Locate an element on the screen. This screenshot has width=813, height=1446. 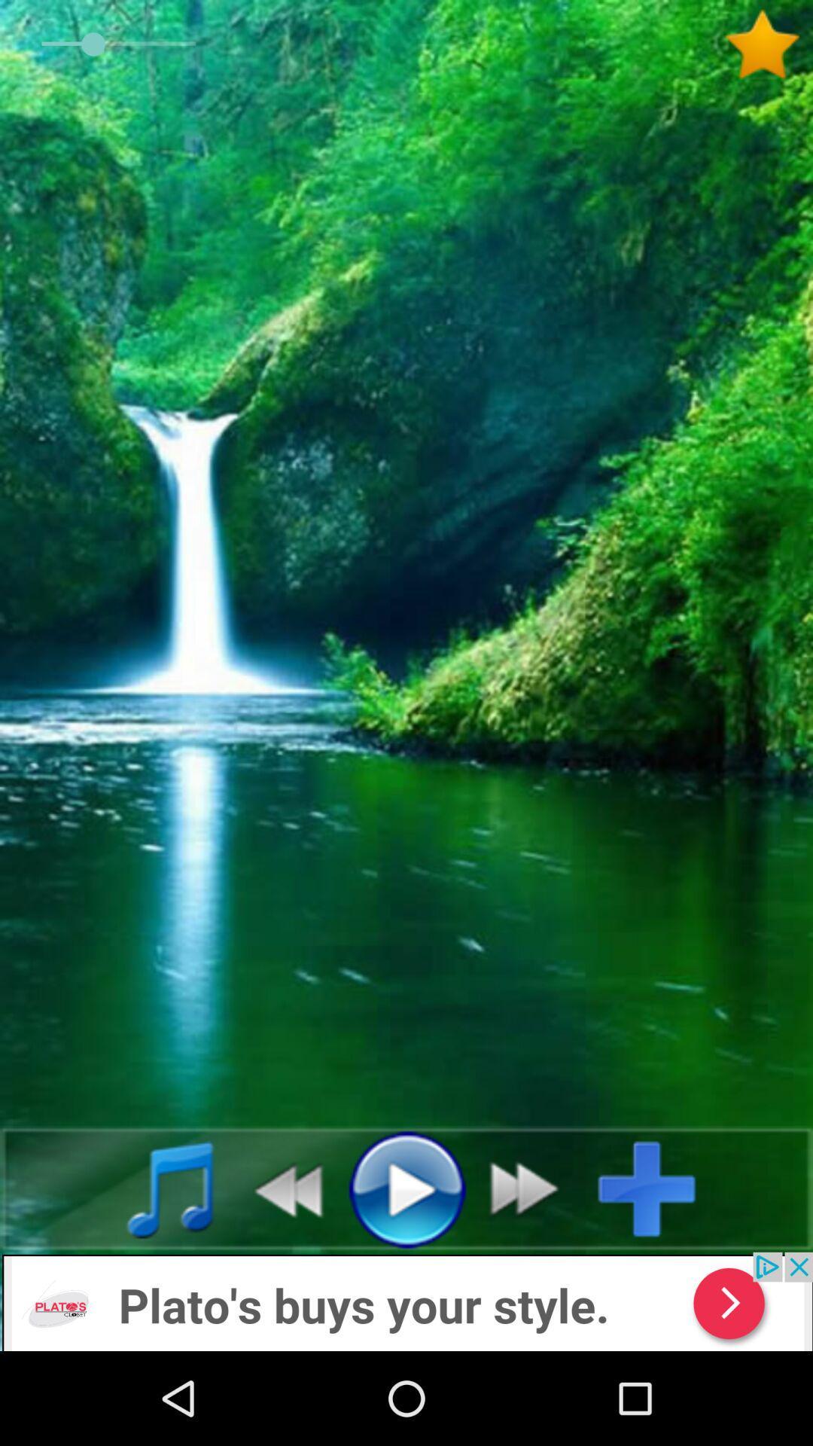
the play icon is located at coordinates (406, 1188).